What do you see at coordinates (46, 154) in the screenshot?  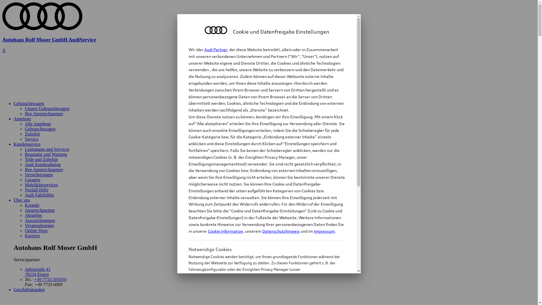 I see `'Reparatur und Wartung'` at bounding box center [46, 154].